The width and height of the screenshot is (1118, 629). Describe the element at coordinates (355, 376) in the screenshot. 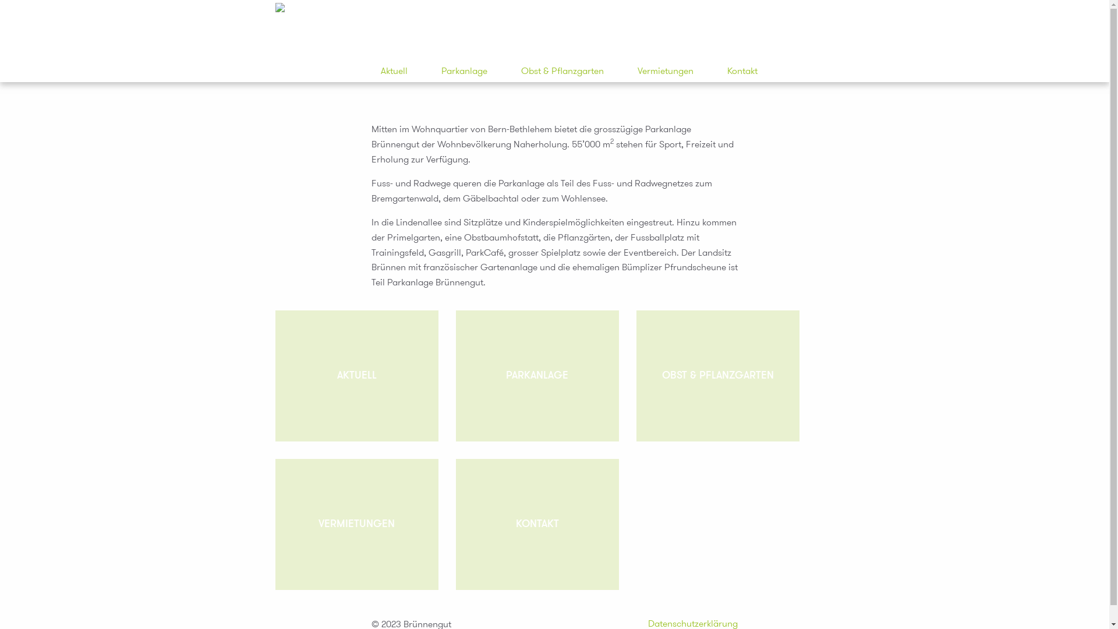

I see `'AKTUELL'` at that location.